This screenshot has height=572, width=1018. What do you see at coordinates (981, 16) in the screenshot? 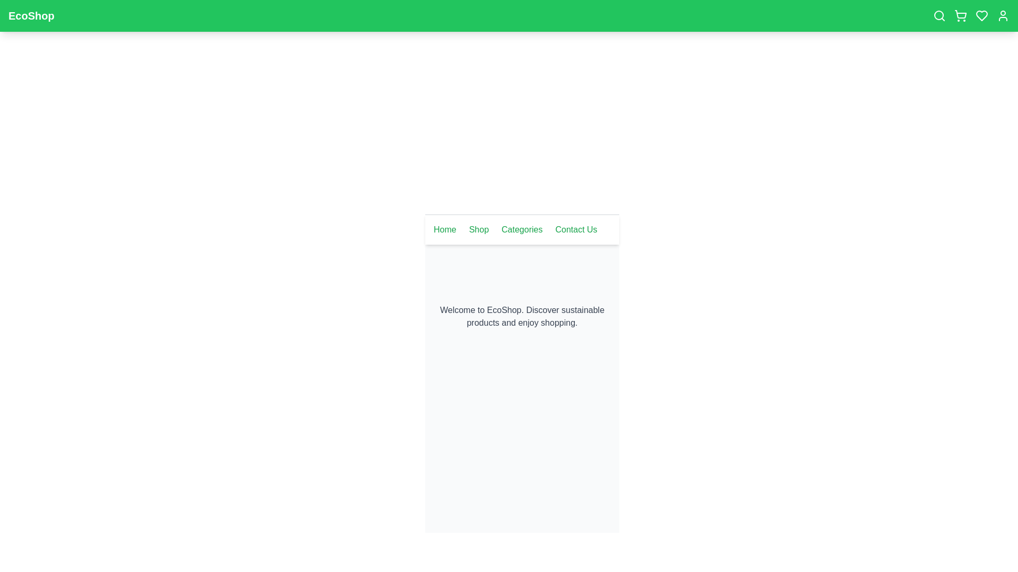
I see `the heart icon to view favorites` at bounding box center [981, 16].